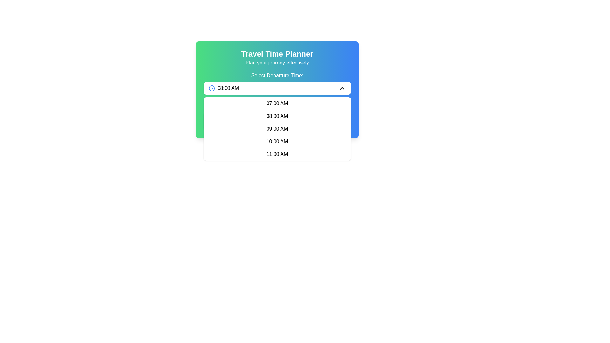  I want to click on the second item in the dropdown menu labeled '08:00 AM', which is a selectable time option located under the 'Select Departure Time' field, so click(277, 116).